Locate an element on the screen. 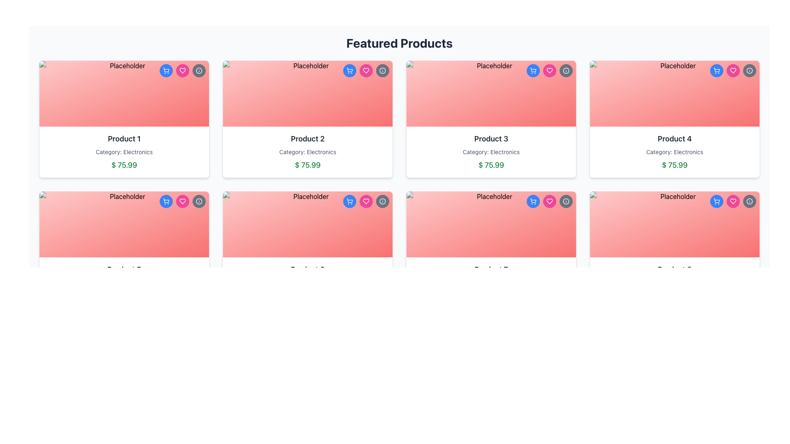 The image size is (790, 444). the shopping cart icon located at the top-right corner of the product card is located at coordinates (533, 201).